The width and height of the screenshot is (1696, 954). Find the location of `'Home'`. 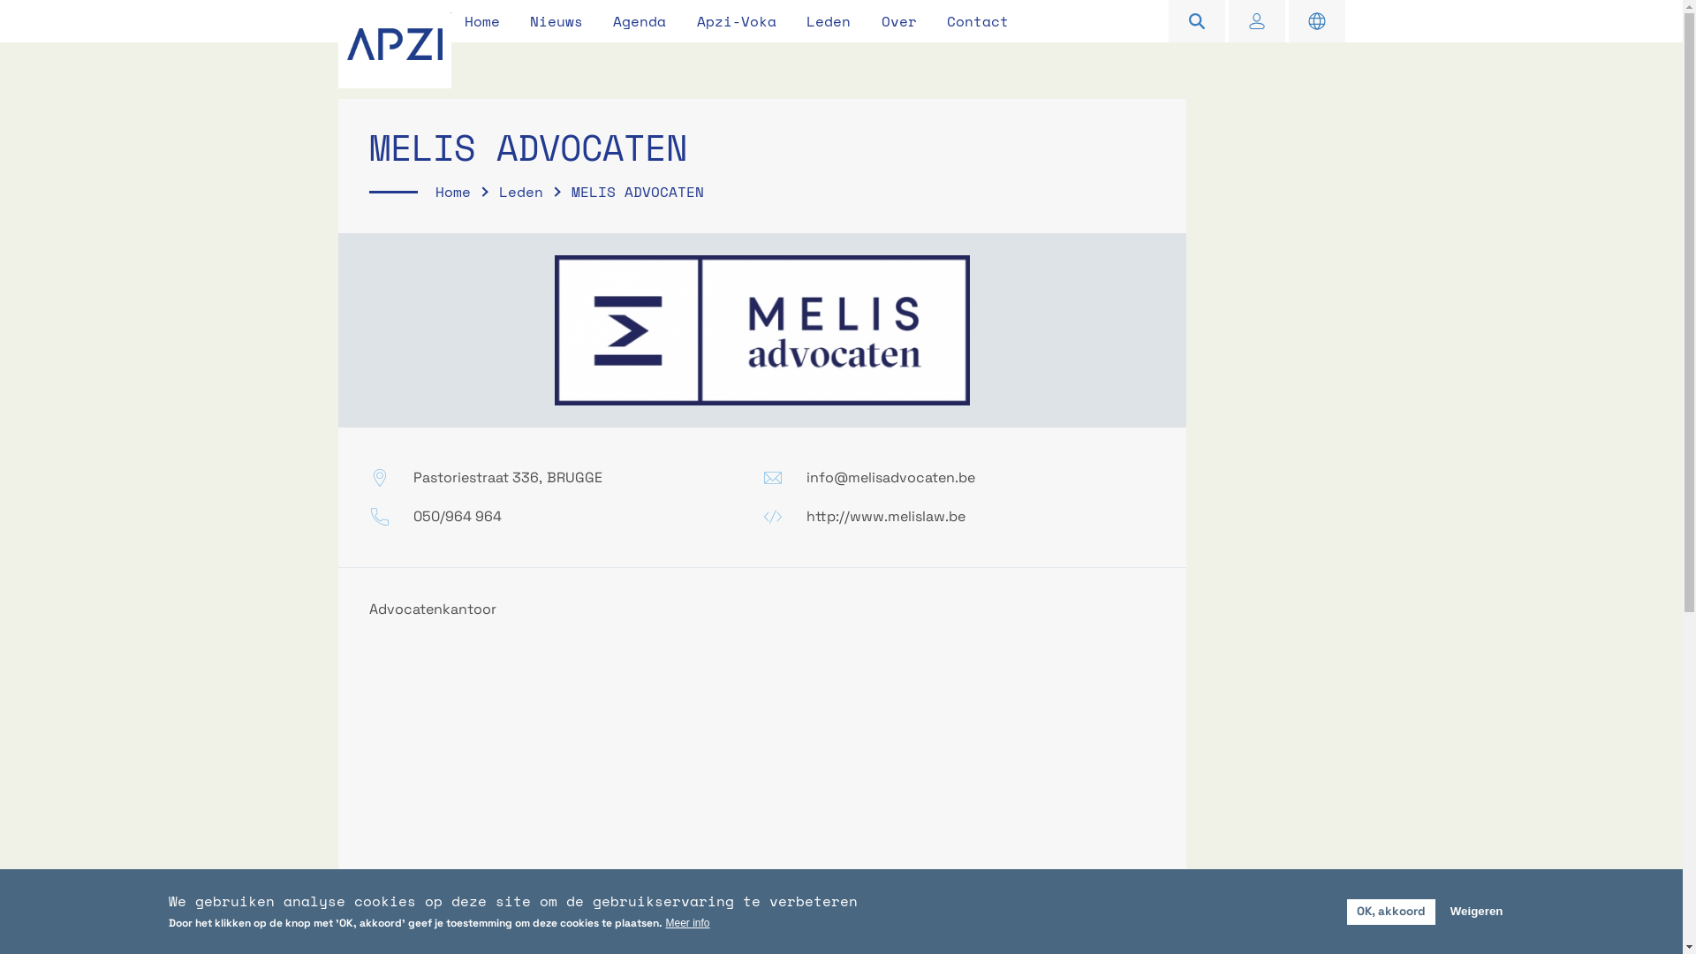

'Home' is located at coordinates (450, 20).